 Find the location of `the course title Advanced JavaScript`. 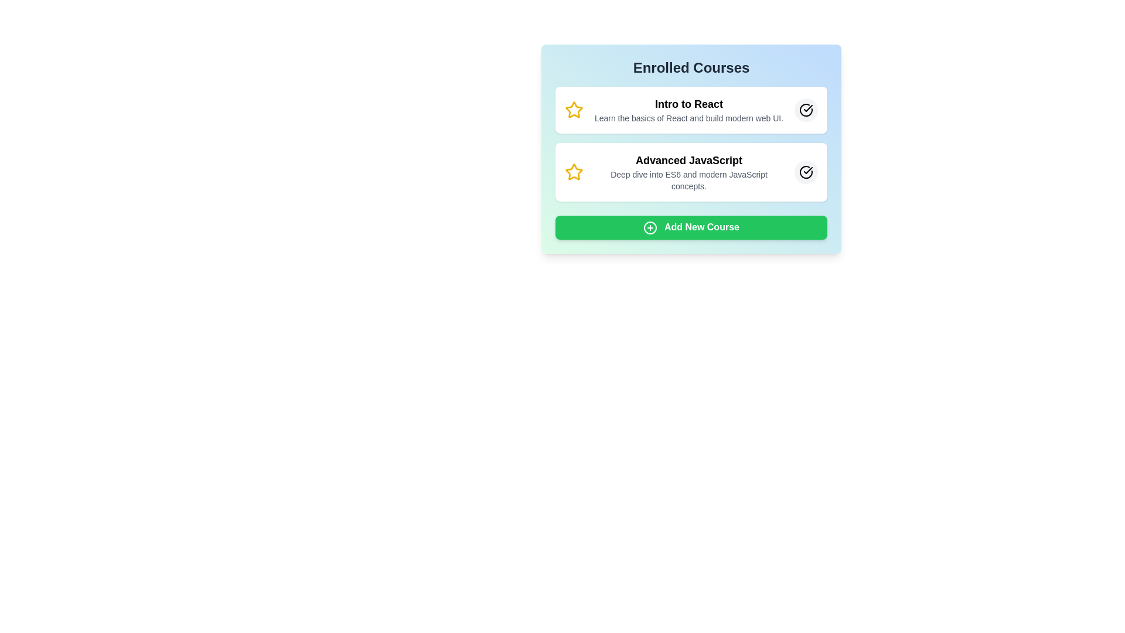

the course title Advanced JavaScript is located at coordinates (691, 160).